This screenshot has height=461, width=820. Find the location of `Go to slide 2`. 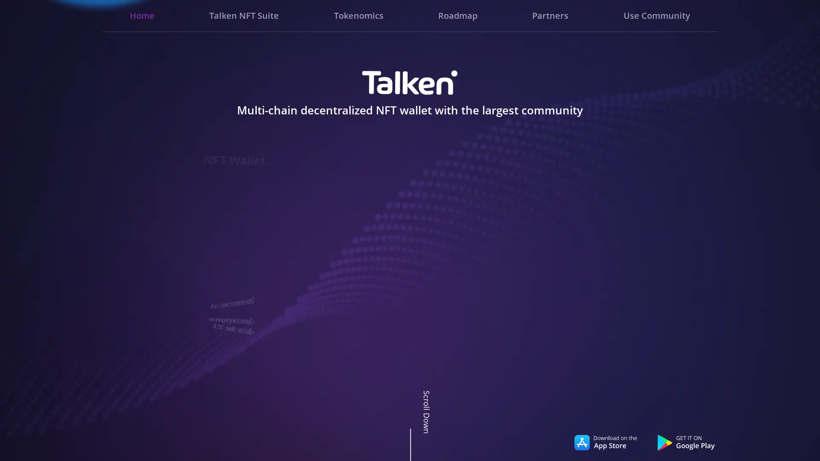

Go to slide 2 is located at coordinates (137, 362).